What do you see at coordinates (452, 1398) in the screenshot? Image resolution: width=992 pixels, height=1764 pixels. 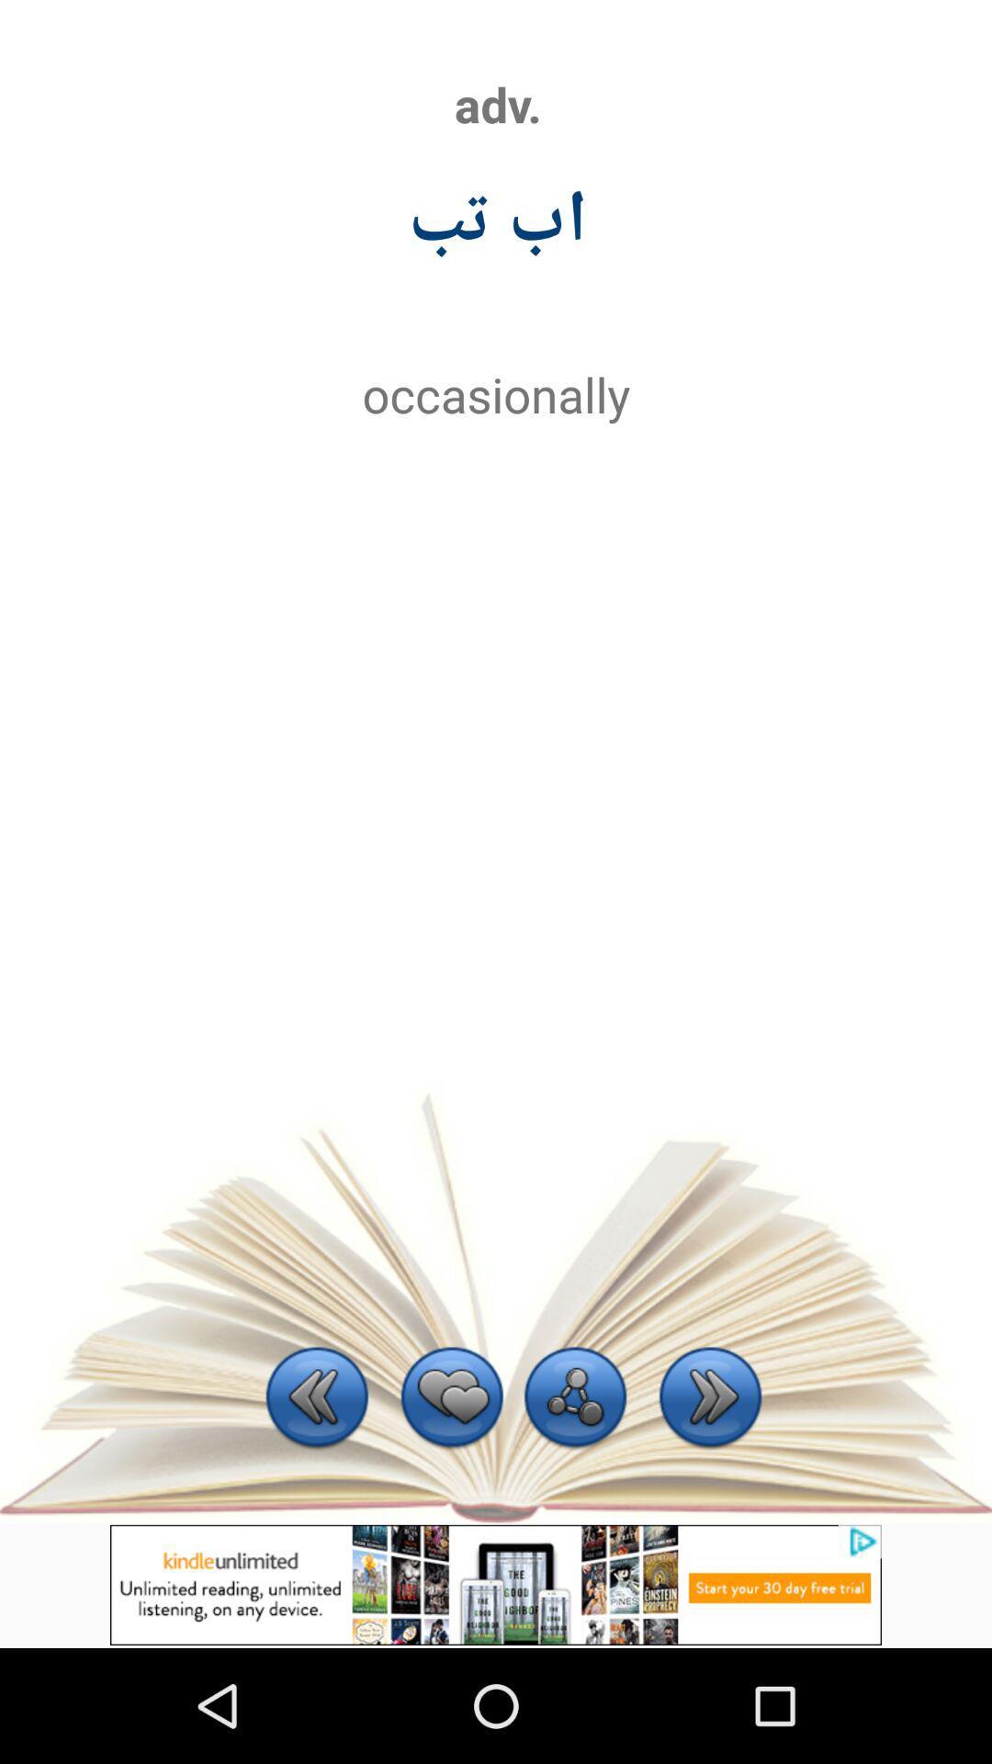 I see `to favorites` at bounding box center [452, 1398].